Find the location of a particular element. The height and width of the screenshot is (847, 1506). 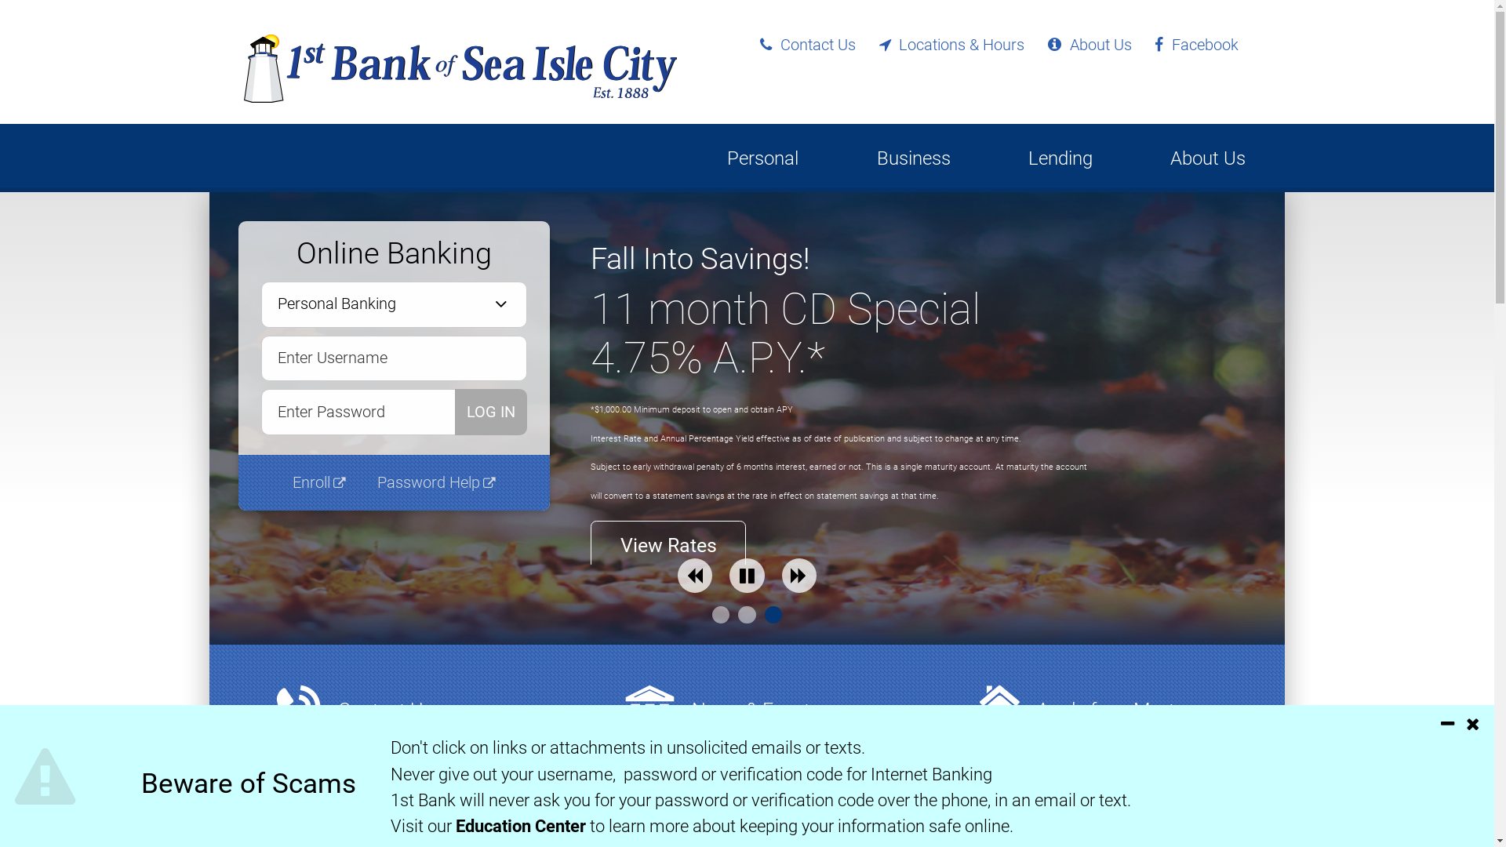

'Next Slide' is located at coordinates (782, 575).